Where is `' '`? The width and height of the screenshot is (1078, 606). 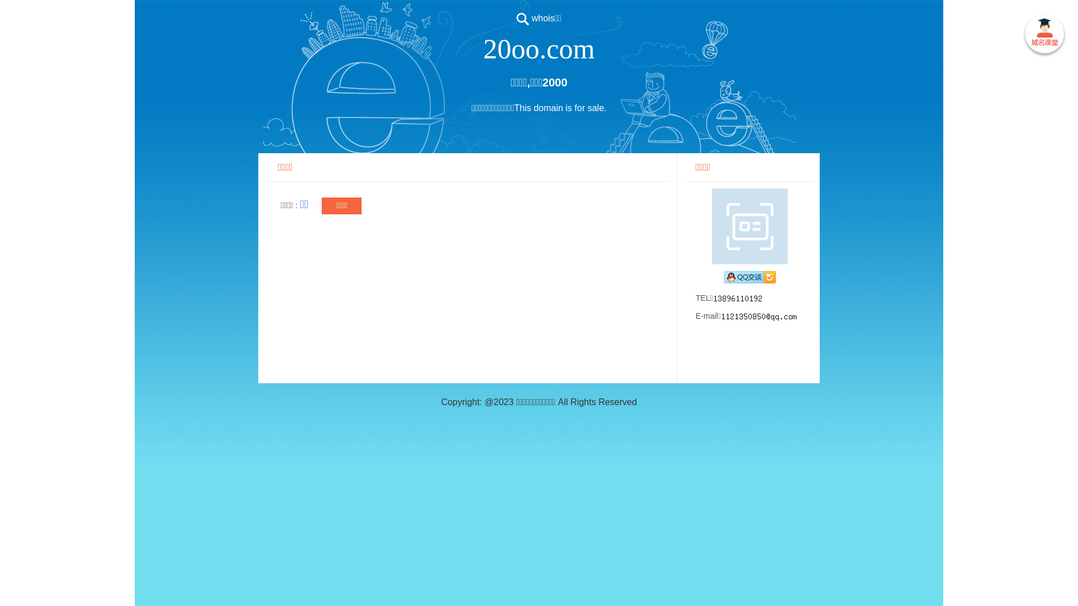
' ' is located at coordinates (1044, 35).